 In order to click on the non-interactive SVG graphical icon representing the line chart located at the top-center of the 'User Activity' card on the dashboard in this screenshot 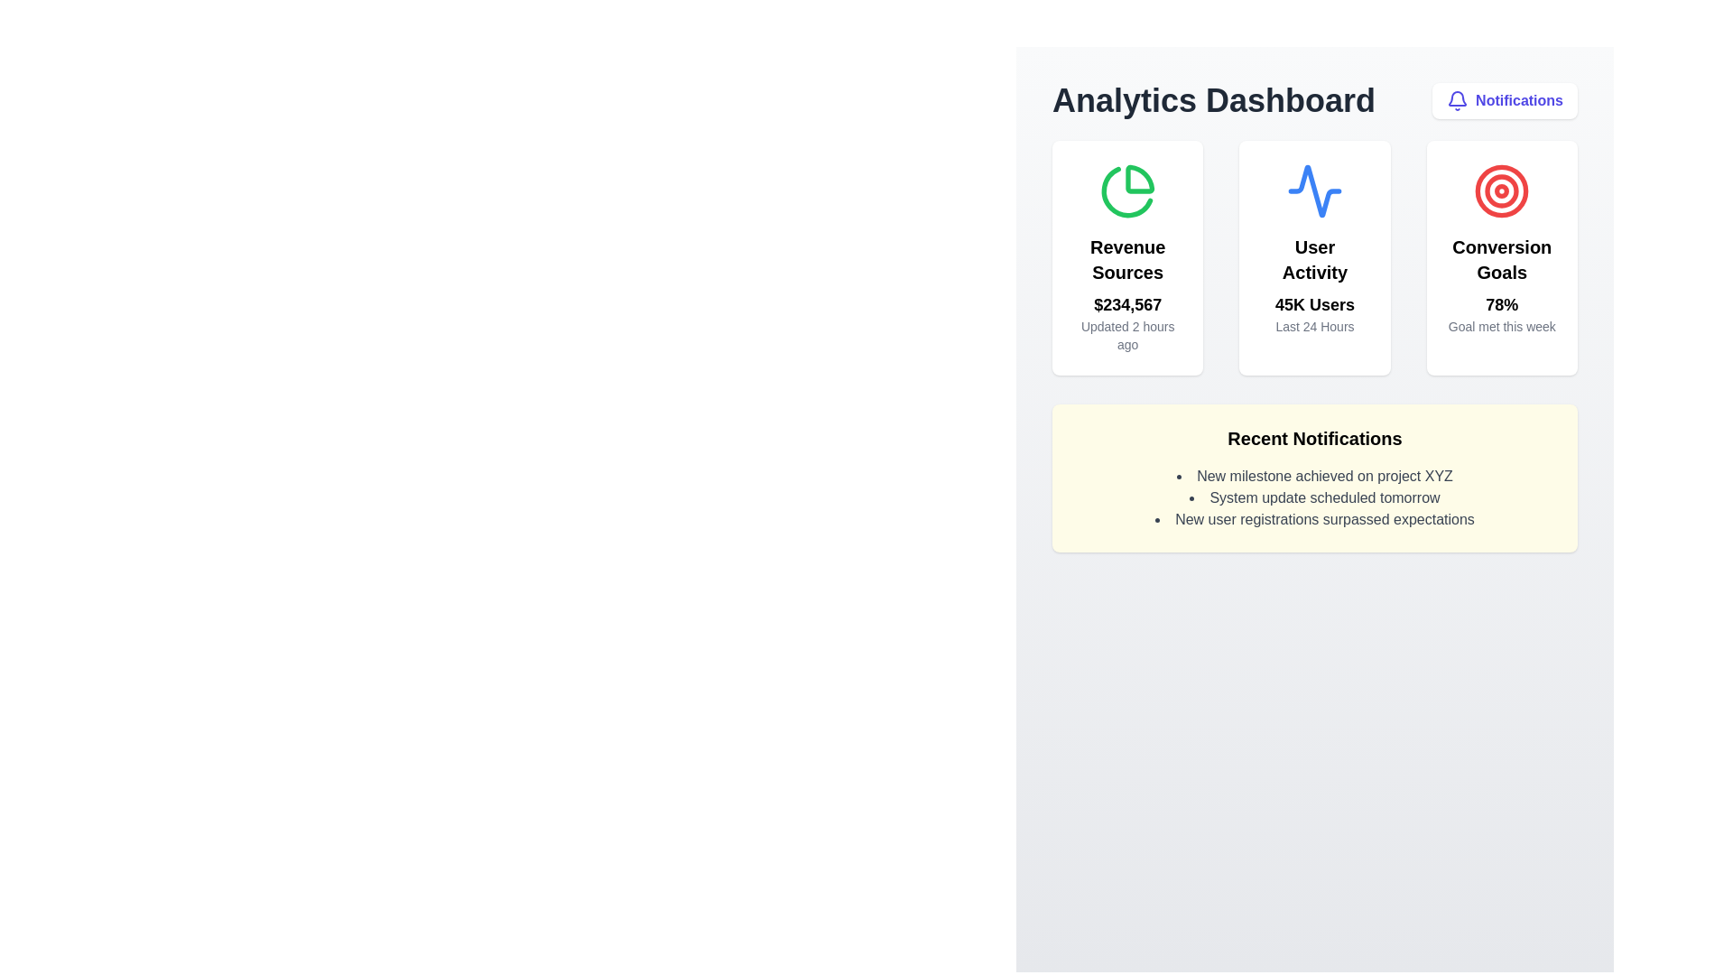, I will do `click(1314, 191)`.